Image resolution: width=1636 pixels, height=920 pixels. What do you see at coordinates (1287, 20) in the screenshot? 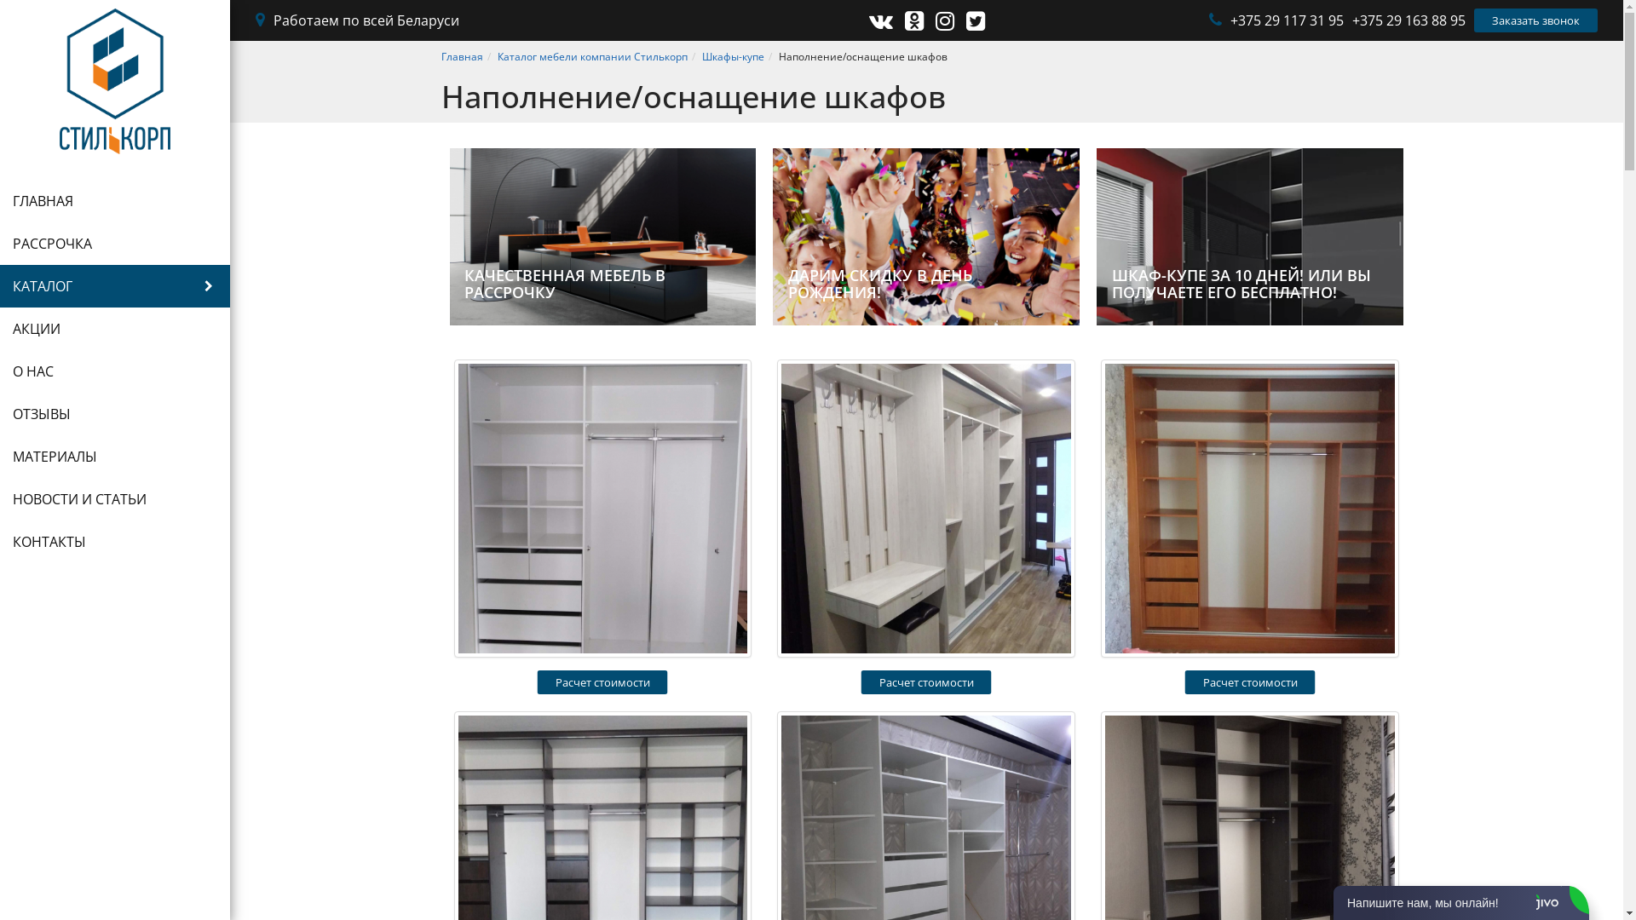
I see `'+375 29 117 31 95'` at bounding box center [1287, 20].